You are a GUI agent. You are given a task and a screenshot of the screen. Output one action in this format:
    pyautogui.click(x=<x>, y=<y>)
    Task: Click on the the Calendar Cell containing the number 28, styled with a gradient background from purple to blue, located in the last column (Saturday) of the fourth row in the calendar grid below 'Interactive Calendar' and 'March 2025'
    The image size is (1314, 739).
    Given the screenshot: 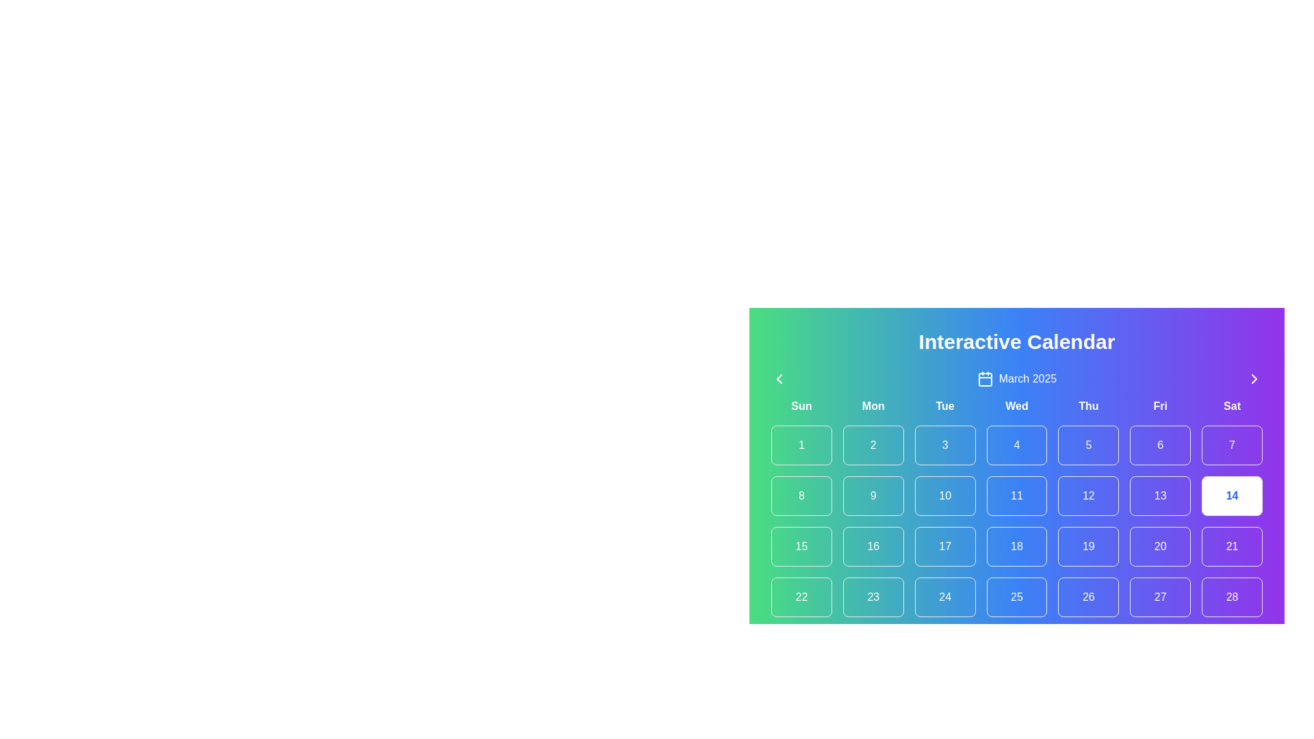 What is the action you would take?
    pyautogui.click(x=1232, y=596)
    